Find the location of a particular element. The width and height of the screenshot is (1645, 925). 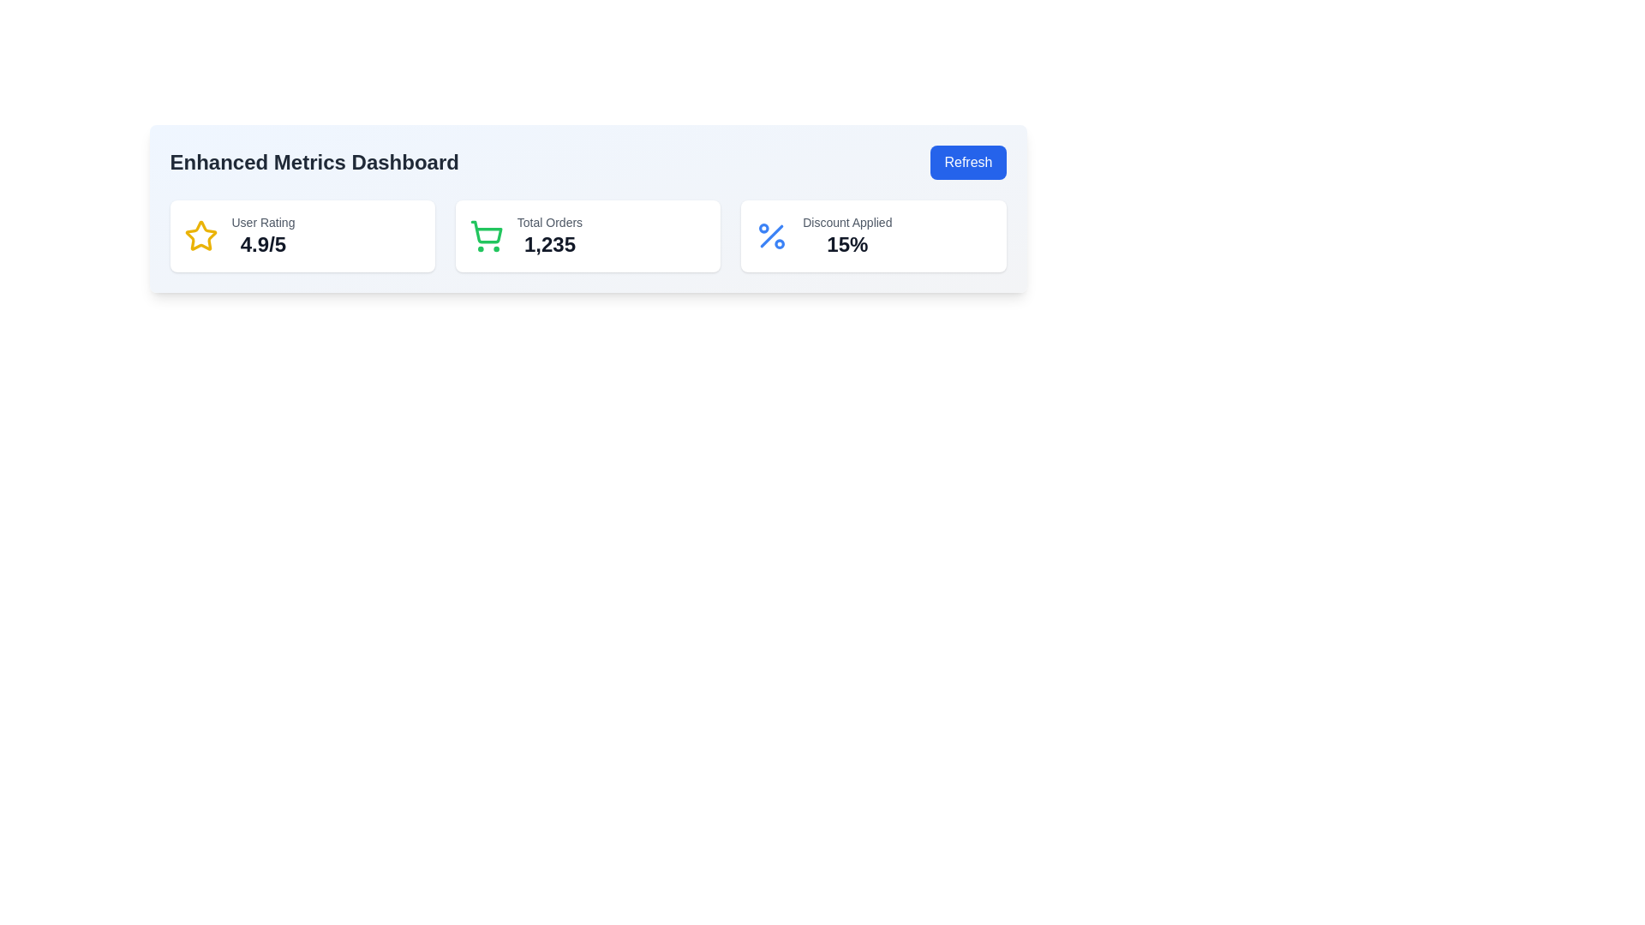

the discount icon located on the left side of the 'Discount Applied' card, which is the third card in a row of three cards on the dashboard is located at coordinates (771, 236).